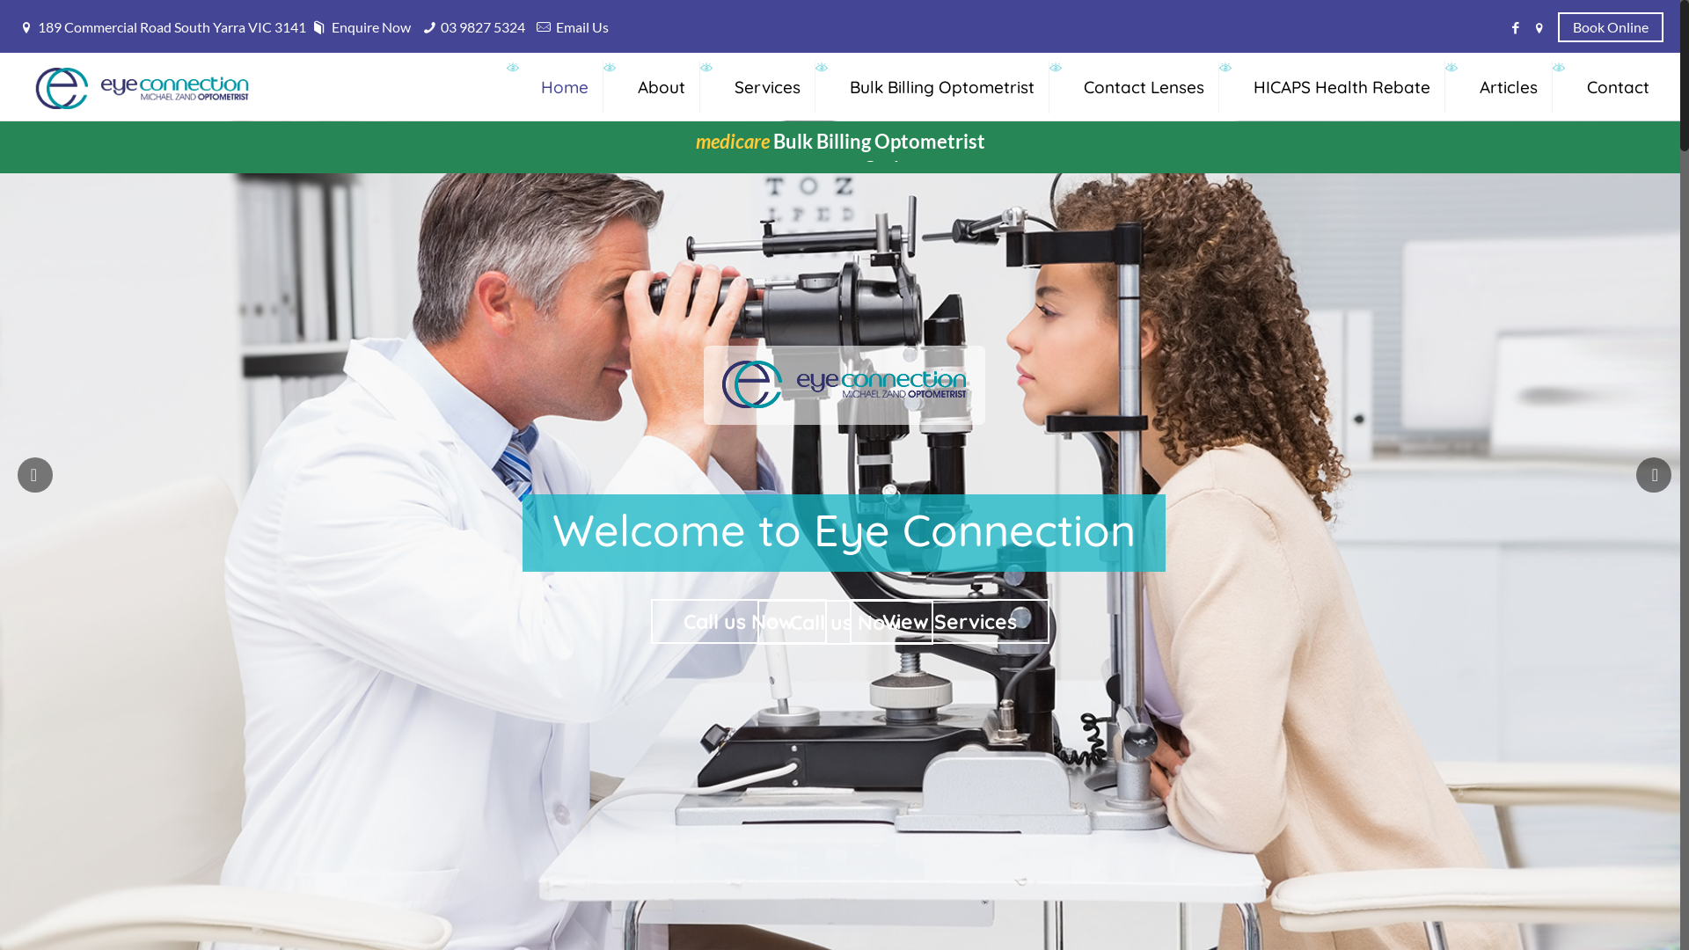  I want to click on 'Book Online', so click(1610, 26).